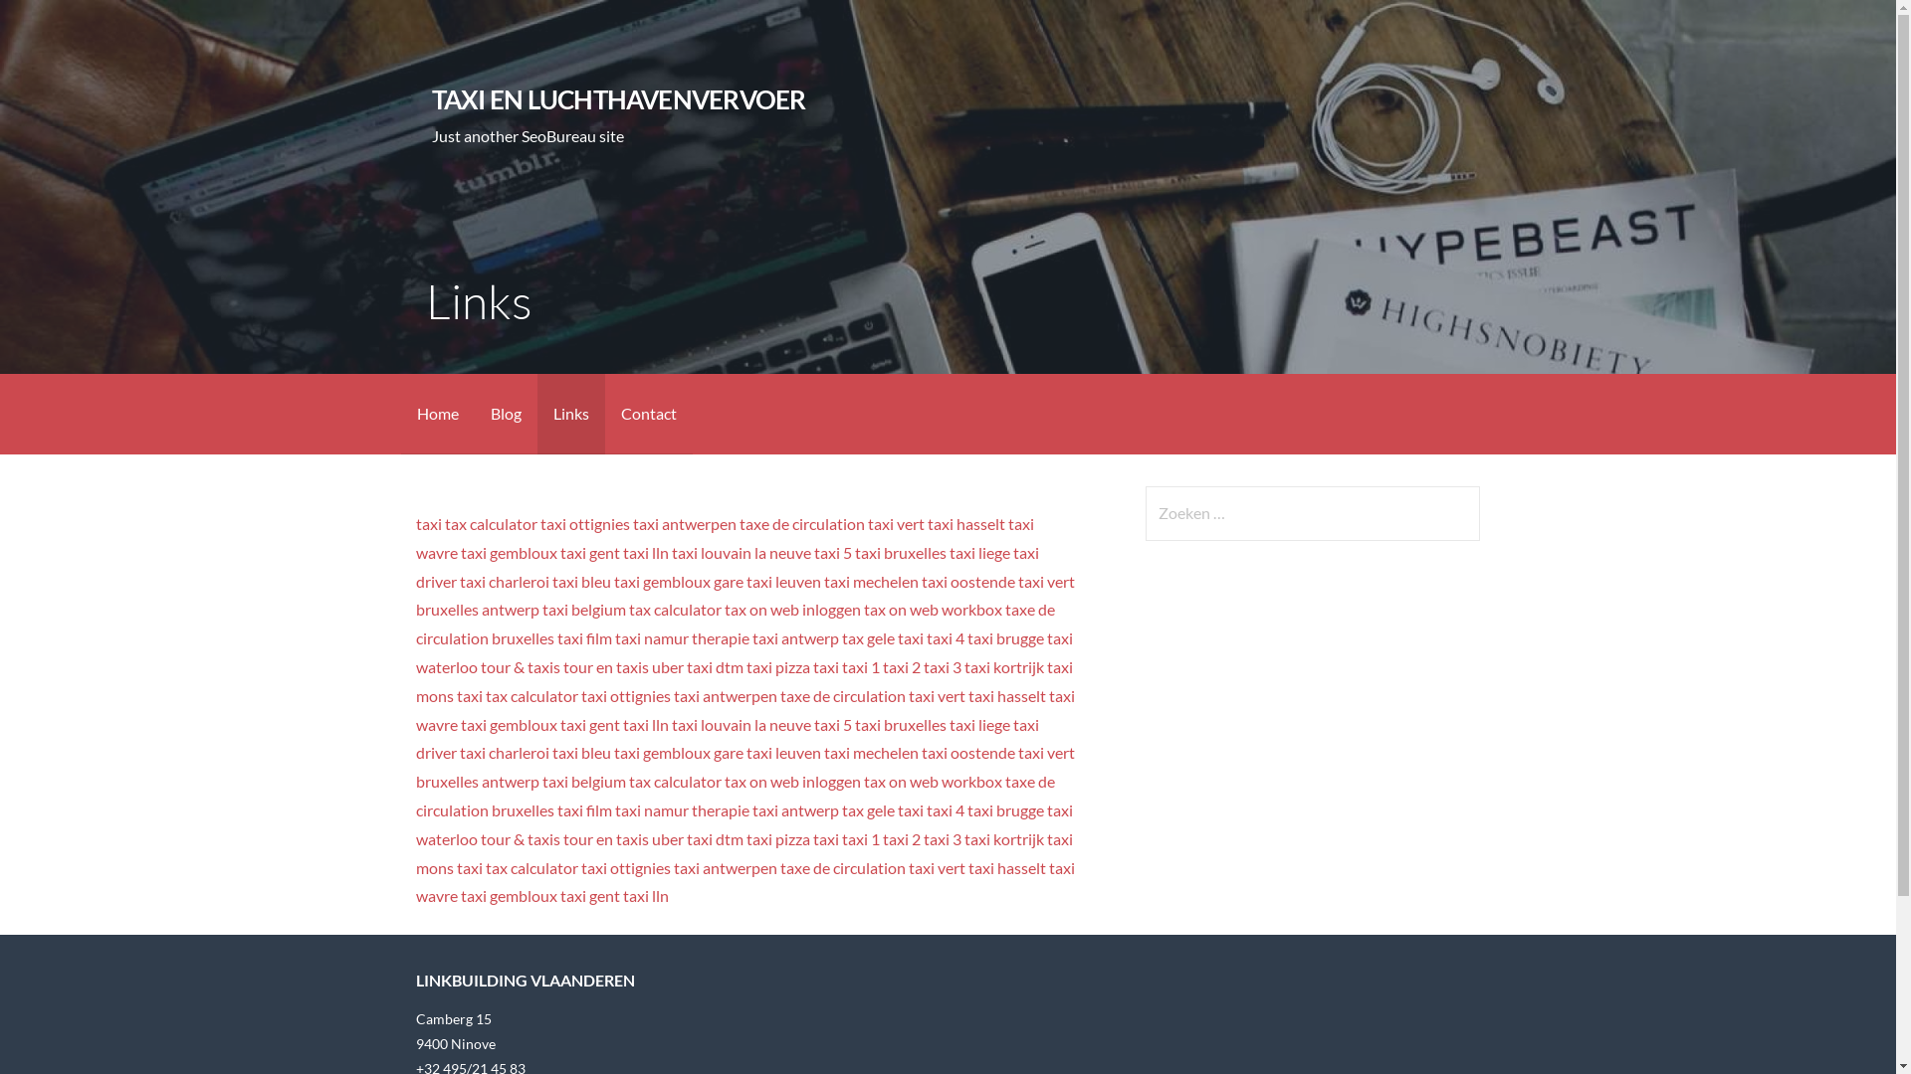 This screenshot has height=1074, width=1911. Describe the element at coordinates (536, 413) in the screenshot. I see `'Links'` at that location.